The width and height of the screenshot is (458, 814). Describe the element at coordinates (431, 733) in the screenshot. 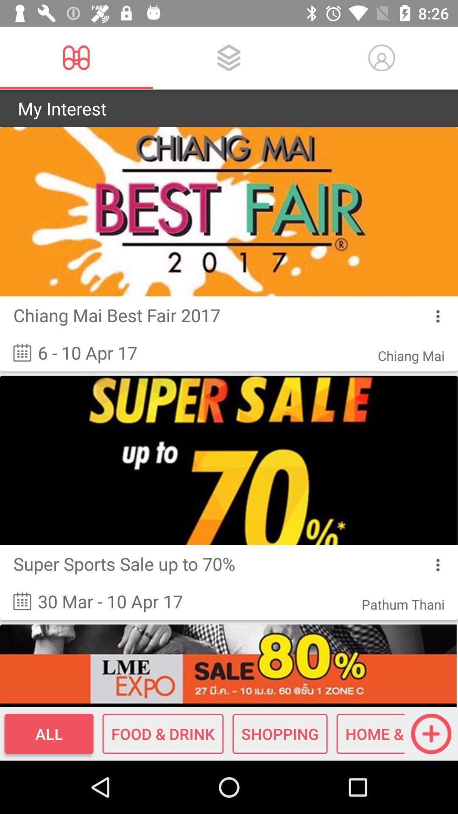

I see `the add icon` at that location.